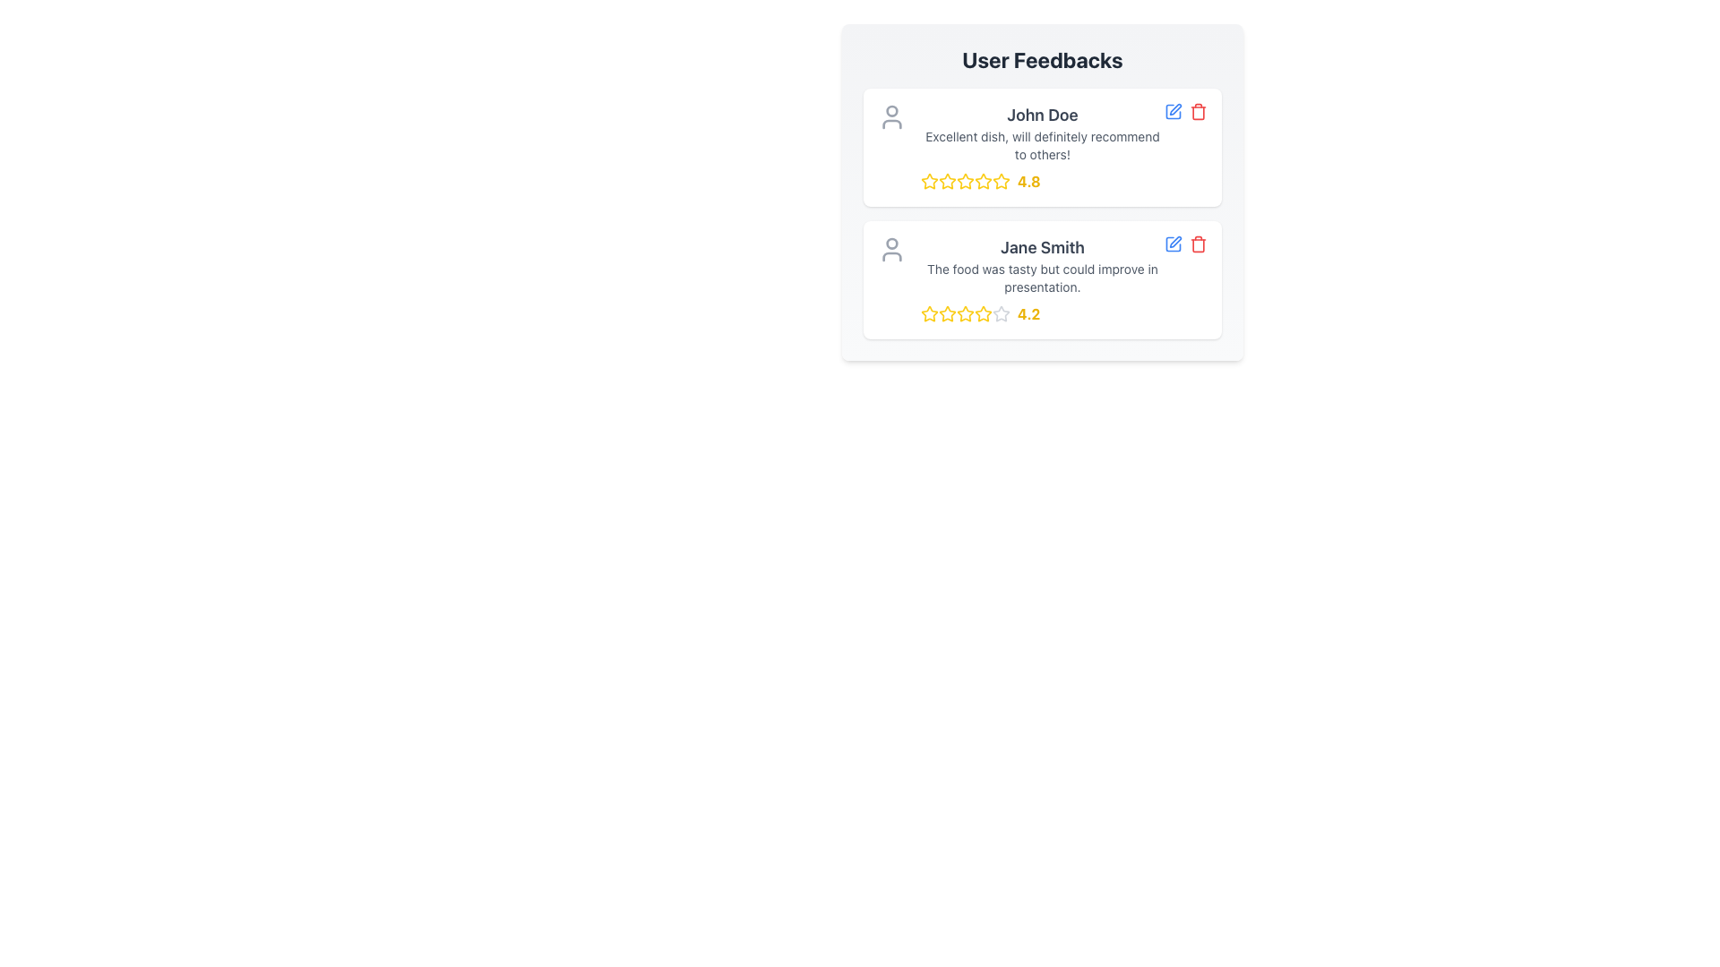  I want to click on the first star icon in the rating system located below the feedback for 'Jane Smith' in the second feedback card, so click(929, 313).